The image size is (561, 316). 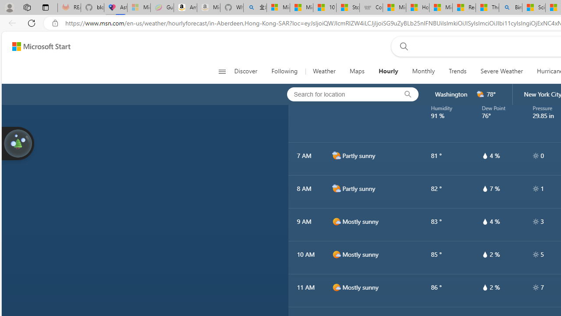 What do you see at coordinates (115, 7) in the screenshot?
I see `'Asthma Inhalers: Names and Types'` at bounding box center [115, 7].